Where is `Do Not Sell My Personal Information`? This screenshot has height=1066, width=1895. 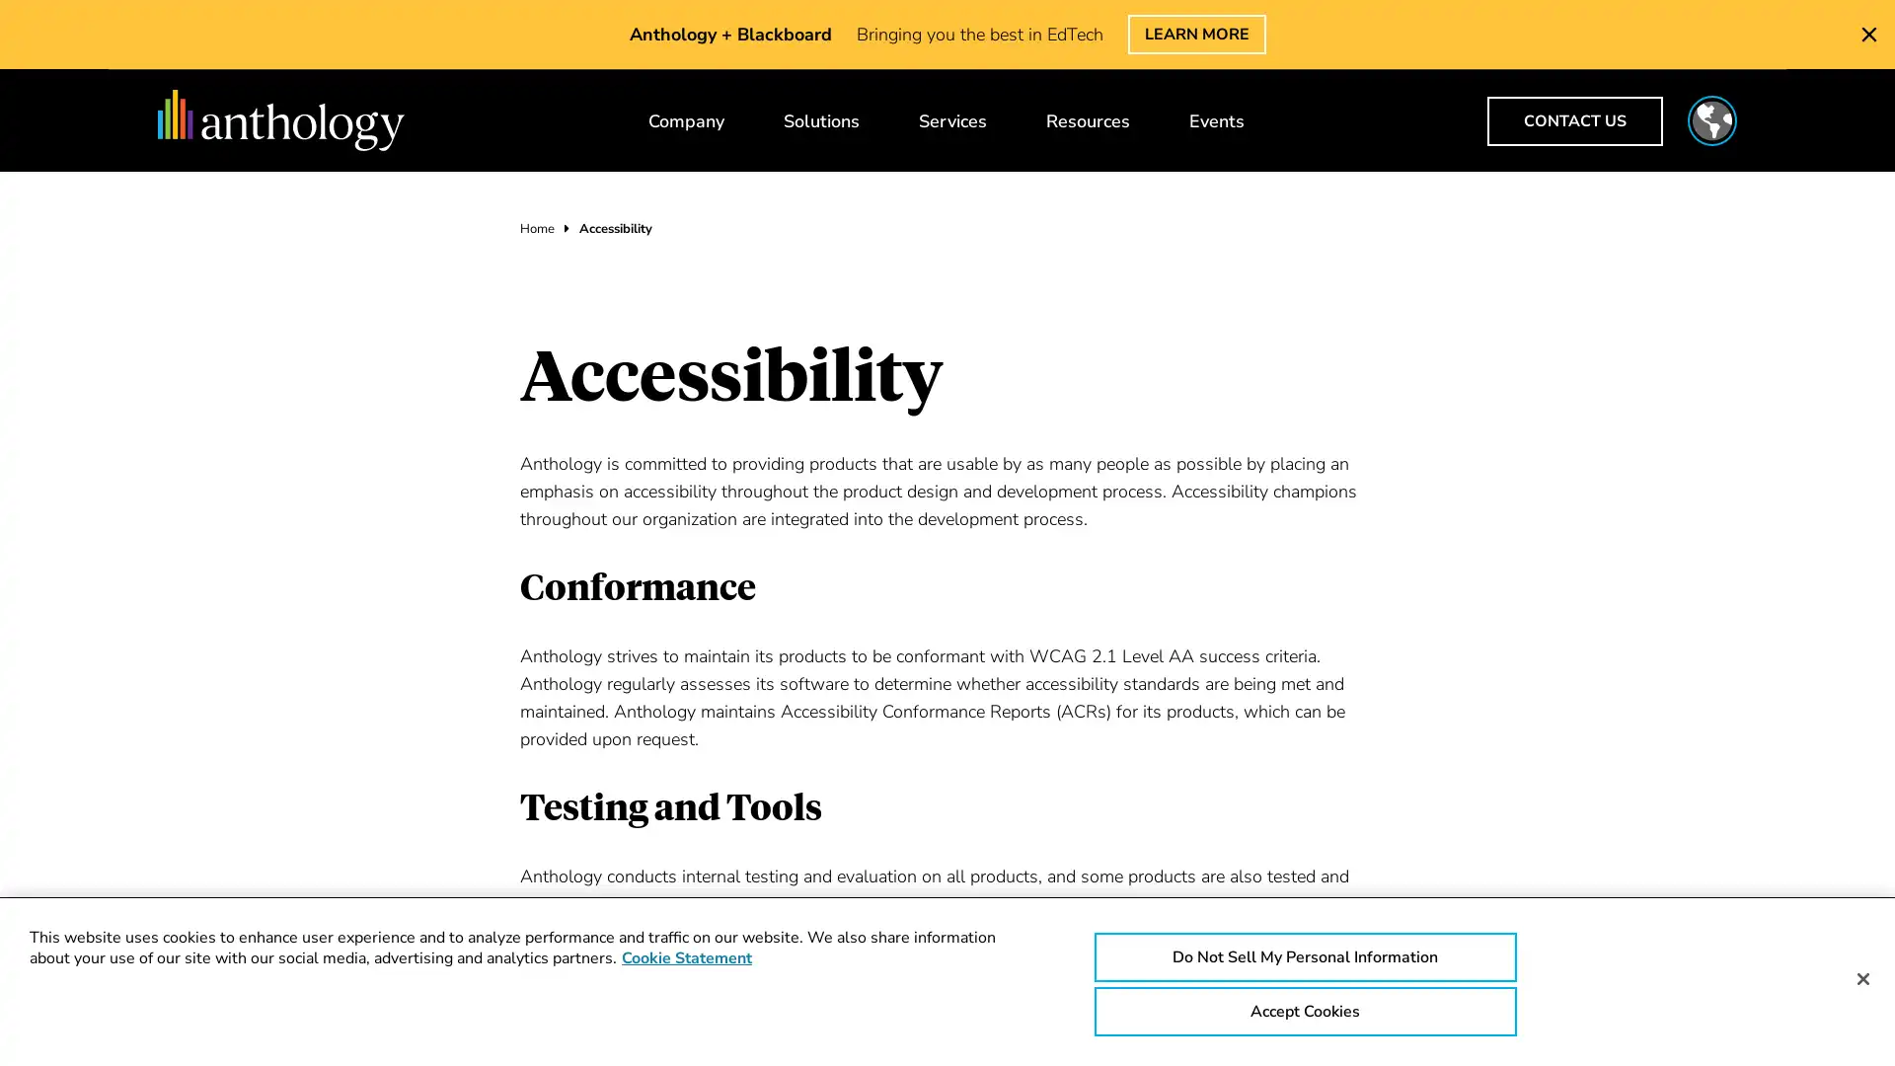 Do Not Sell My Personal Information is located at coordinates (1304, 955).